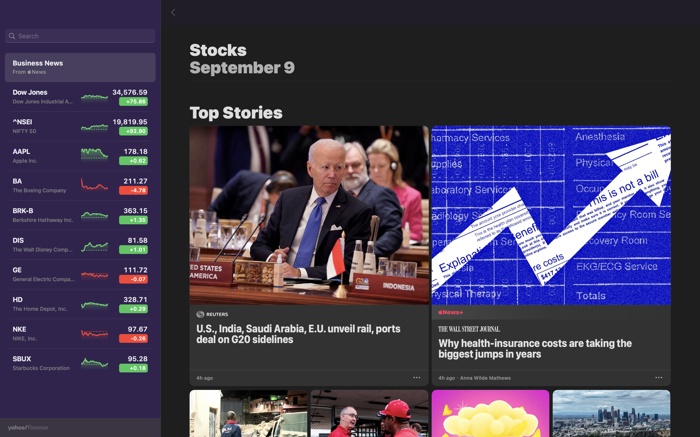 The width and height of the screenshot is (700, 437). I want to click on the Home Depot stock to view more details, so click(78, 305).